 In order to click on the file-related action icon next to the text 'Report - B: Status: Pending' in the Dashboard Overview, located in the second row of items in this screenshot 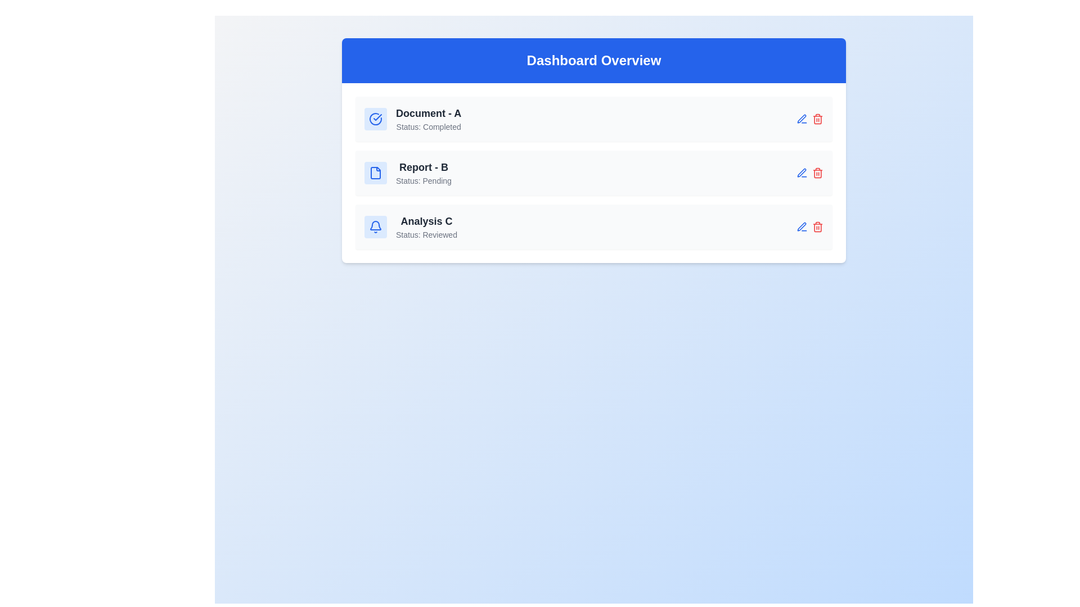, I will do `click(375, 173)`.